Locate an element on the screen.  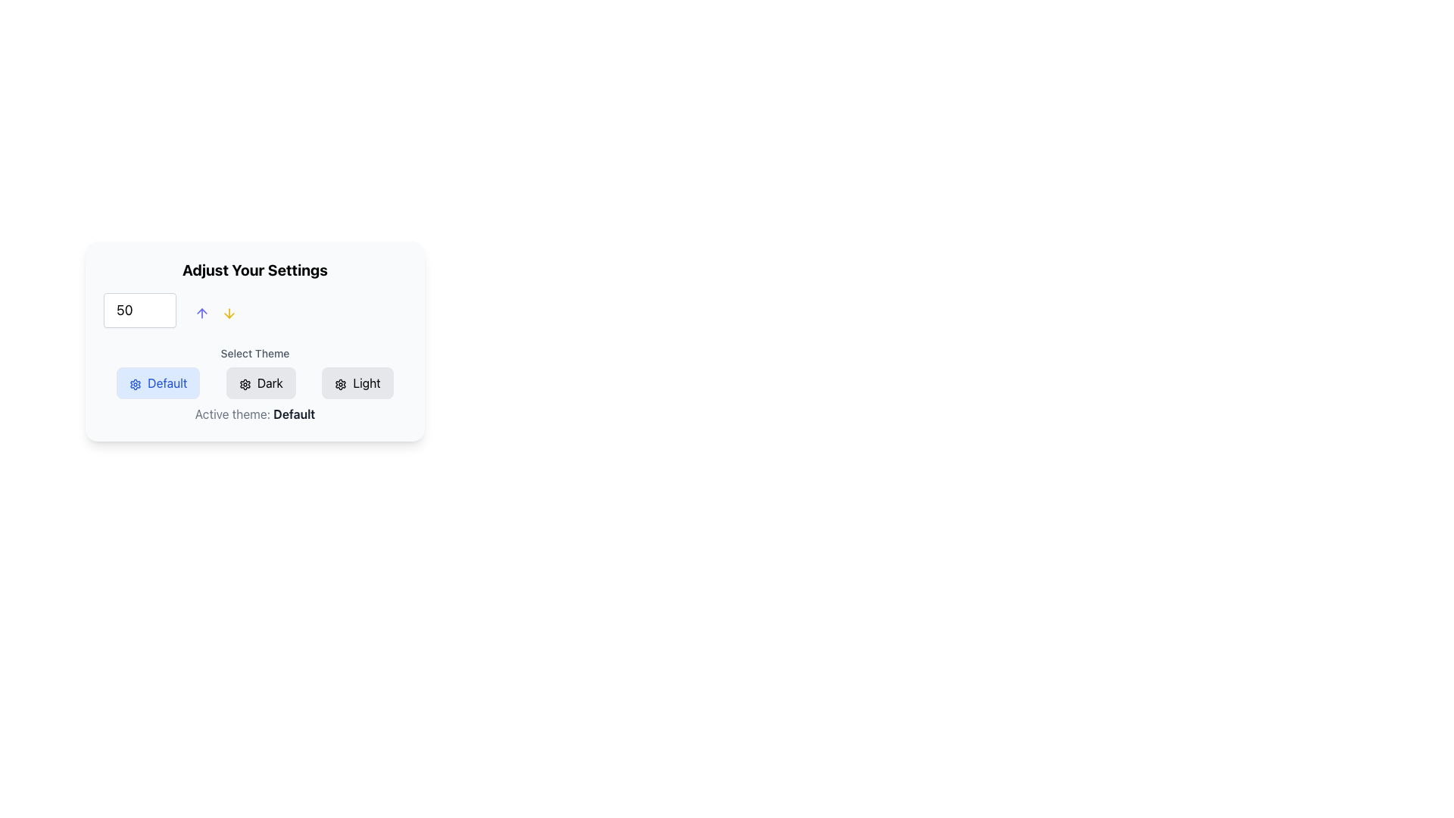
the Static Text Label displaying 'Active theme: Default', located below the theme selection buttons in the 'Adjust Your Settings' section is located at coordinates (254, 414).